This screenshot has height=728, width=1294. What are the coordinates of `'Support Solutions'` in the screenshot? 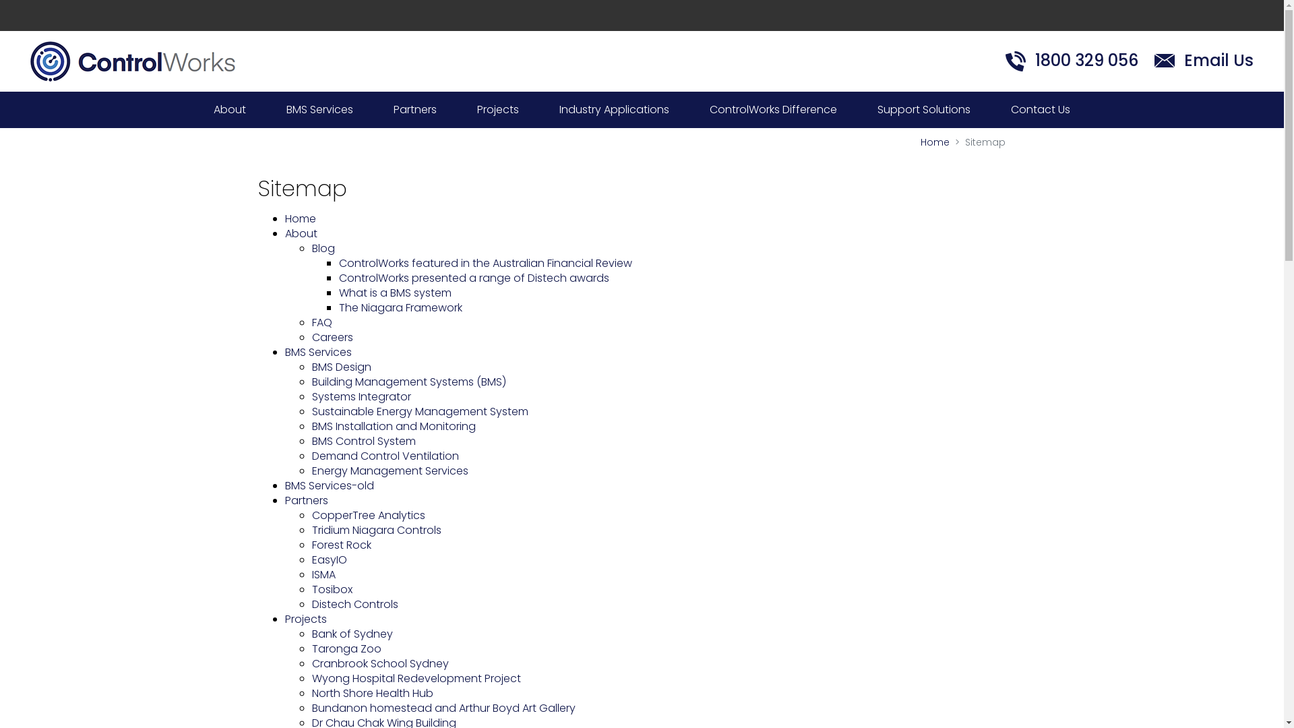 It's located at (923, 109).